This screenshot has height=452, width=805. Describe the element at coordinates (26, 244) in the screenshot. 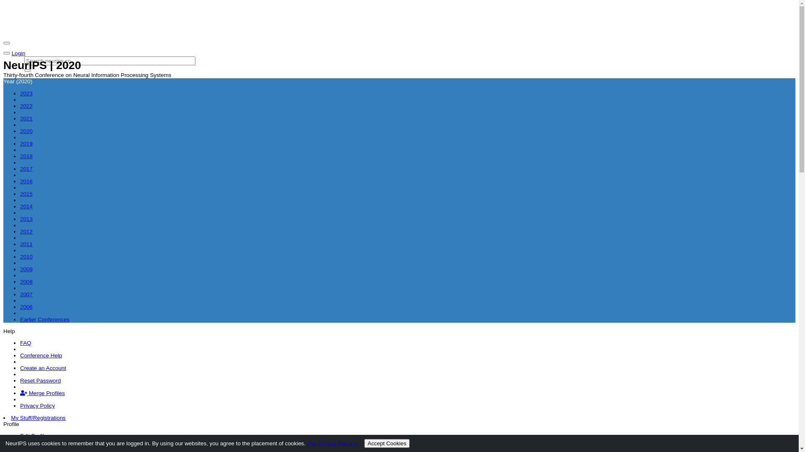

I see `'2011'` at that location.